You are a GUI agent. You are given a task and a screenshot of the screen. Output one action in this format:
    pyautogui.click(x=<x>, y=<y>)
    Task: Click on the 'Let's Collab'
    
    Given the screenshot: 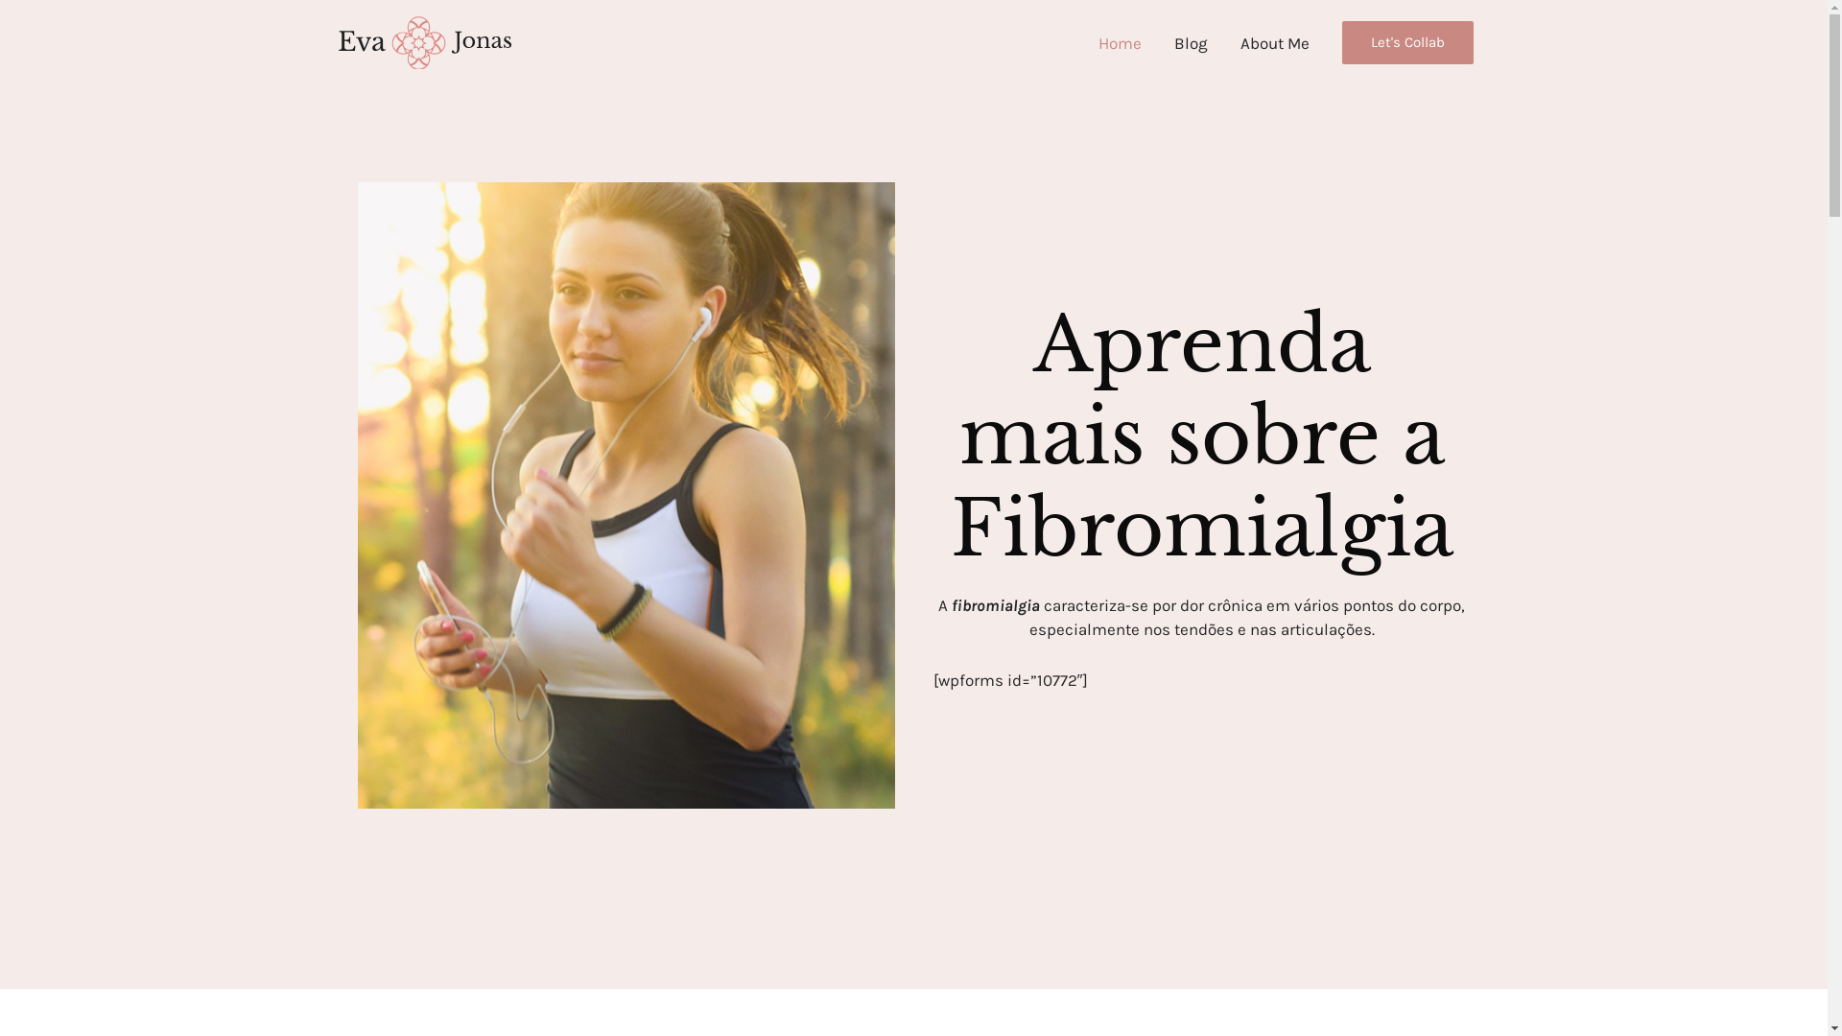 What is the action you would take?
    pyautogui.click(x=1406, y=42)
    